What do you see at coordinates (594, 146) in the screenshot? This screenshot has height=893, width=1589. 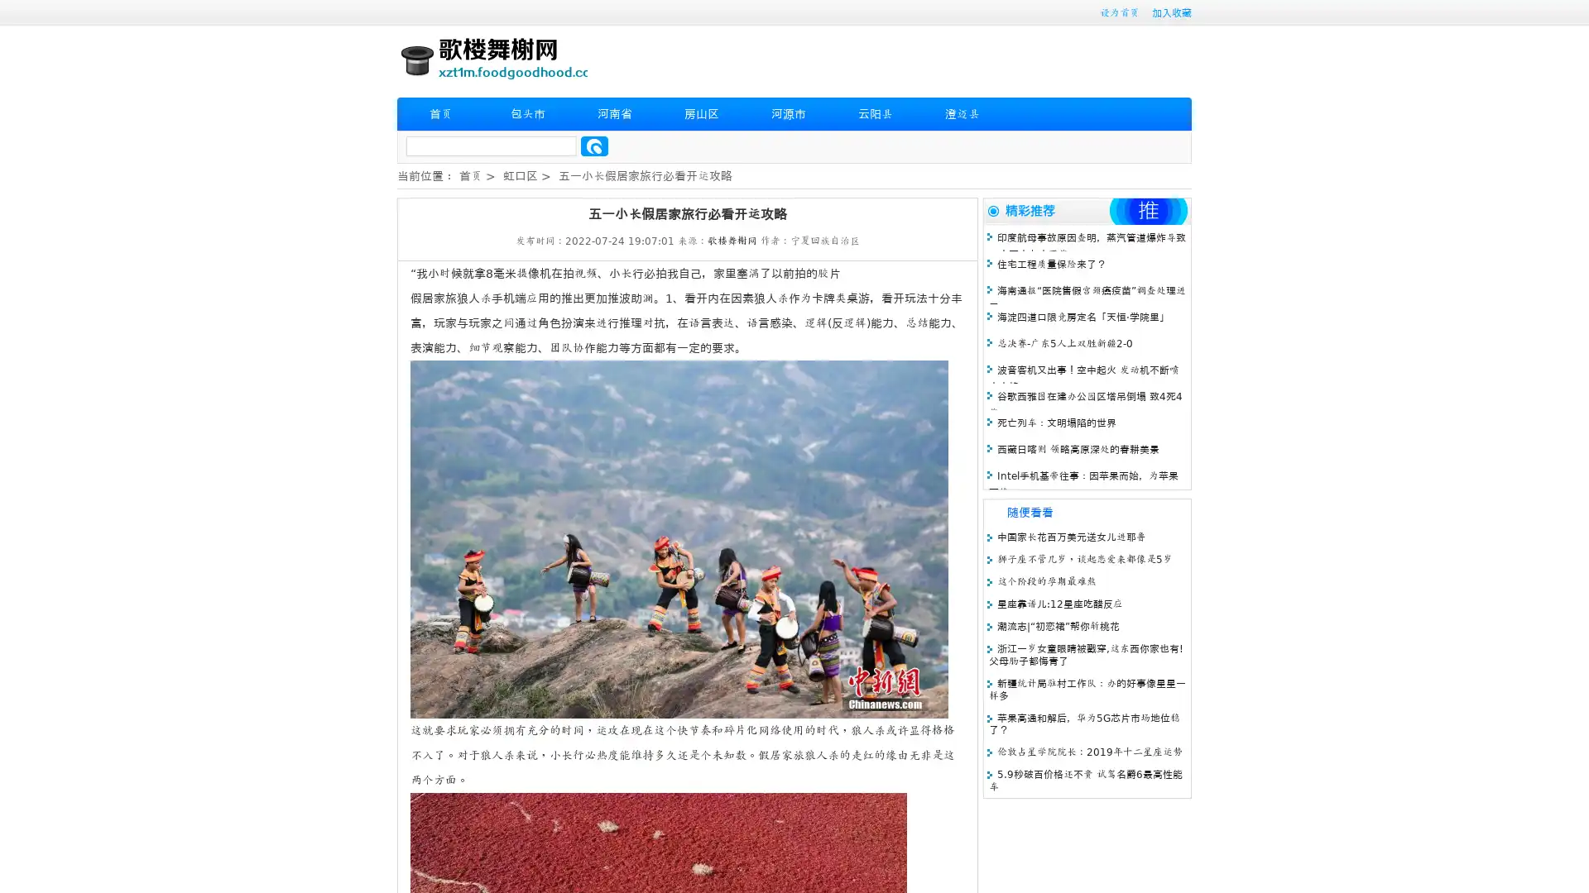 I see `Search` at bounding box center [594, 146].